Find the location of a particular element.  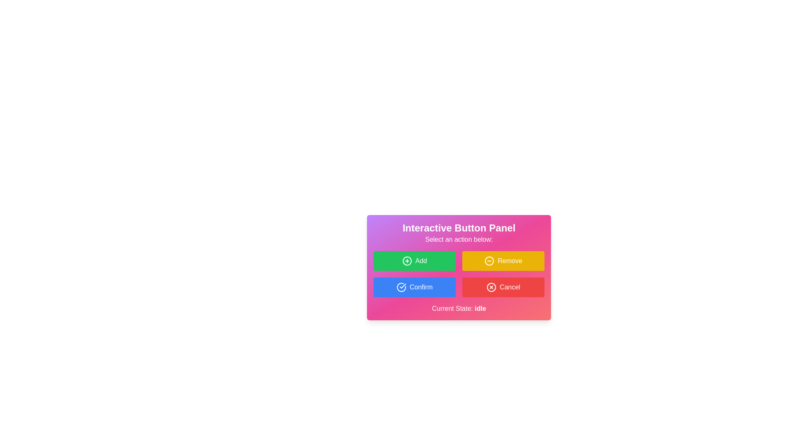

the confirm action button located in the bottom-left position of the grid layout, below the 'Add' button and to the left of the 'Cancel' button is located at coordinates (414, 287).